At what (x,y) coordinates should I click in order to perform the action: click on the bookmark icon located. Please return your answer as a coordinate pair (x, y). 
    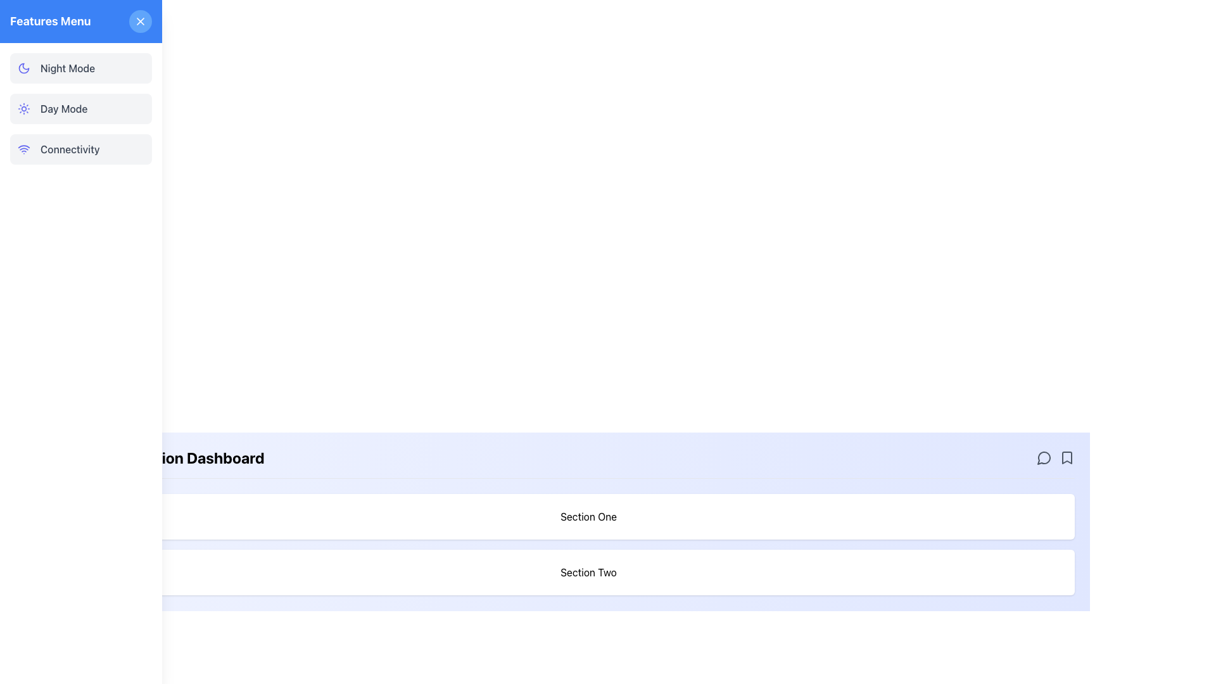
    Looking at the image, I should click on (1066, 457).